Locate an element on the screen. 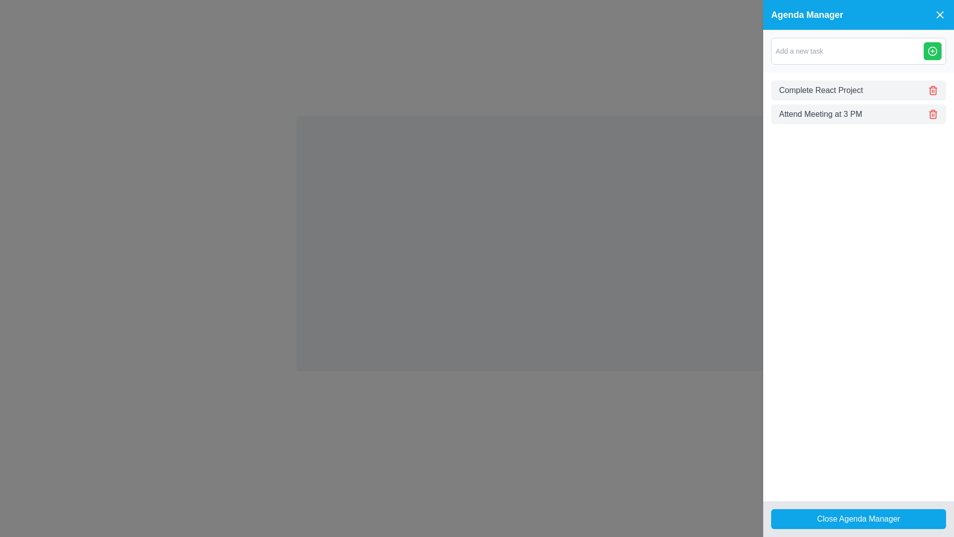  the bright red trash can icon is located at coordinates (932, 114).